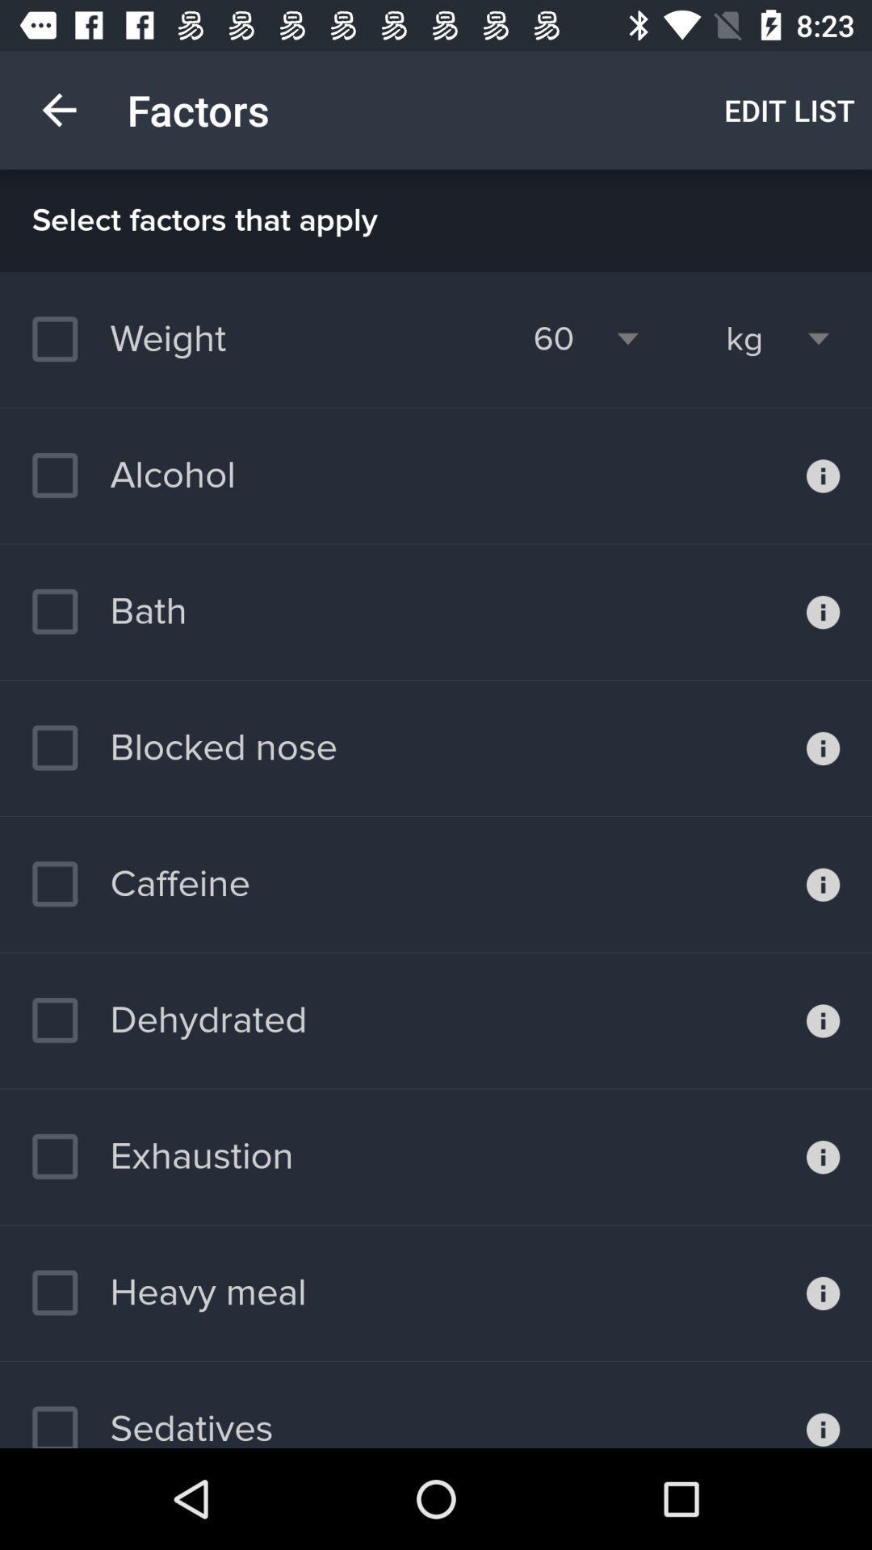 The image size is (872, 1550). What do you see at coordinates (823, 1293) in the screenshot?
I see `info` at bounding box center [823, 1293].